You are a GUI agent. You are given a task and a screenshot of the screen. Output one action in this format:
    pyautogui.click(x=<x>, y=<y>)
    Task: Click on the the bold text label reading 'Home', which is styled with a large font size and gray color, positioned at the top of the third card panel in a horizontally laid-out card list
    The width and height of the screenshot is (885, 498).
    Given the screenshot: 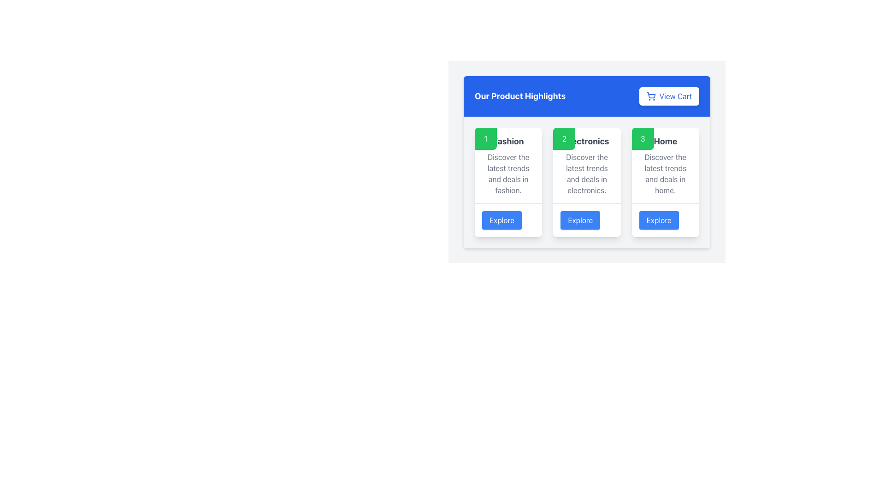 What is the action you would take?
    pyautogui.click(x=665, y=142)
    